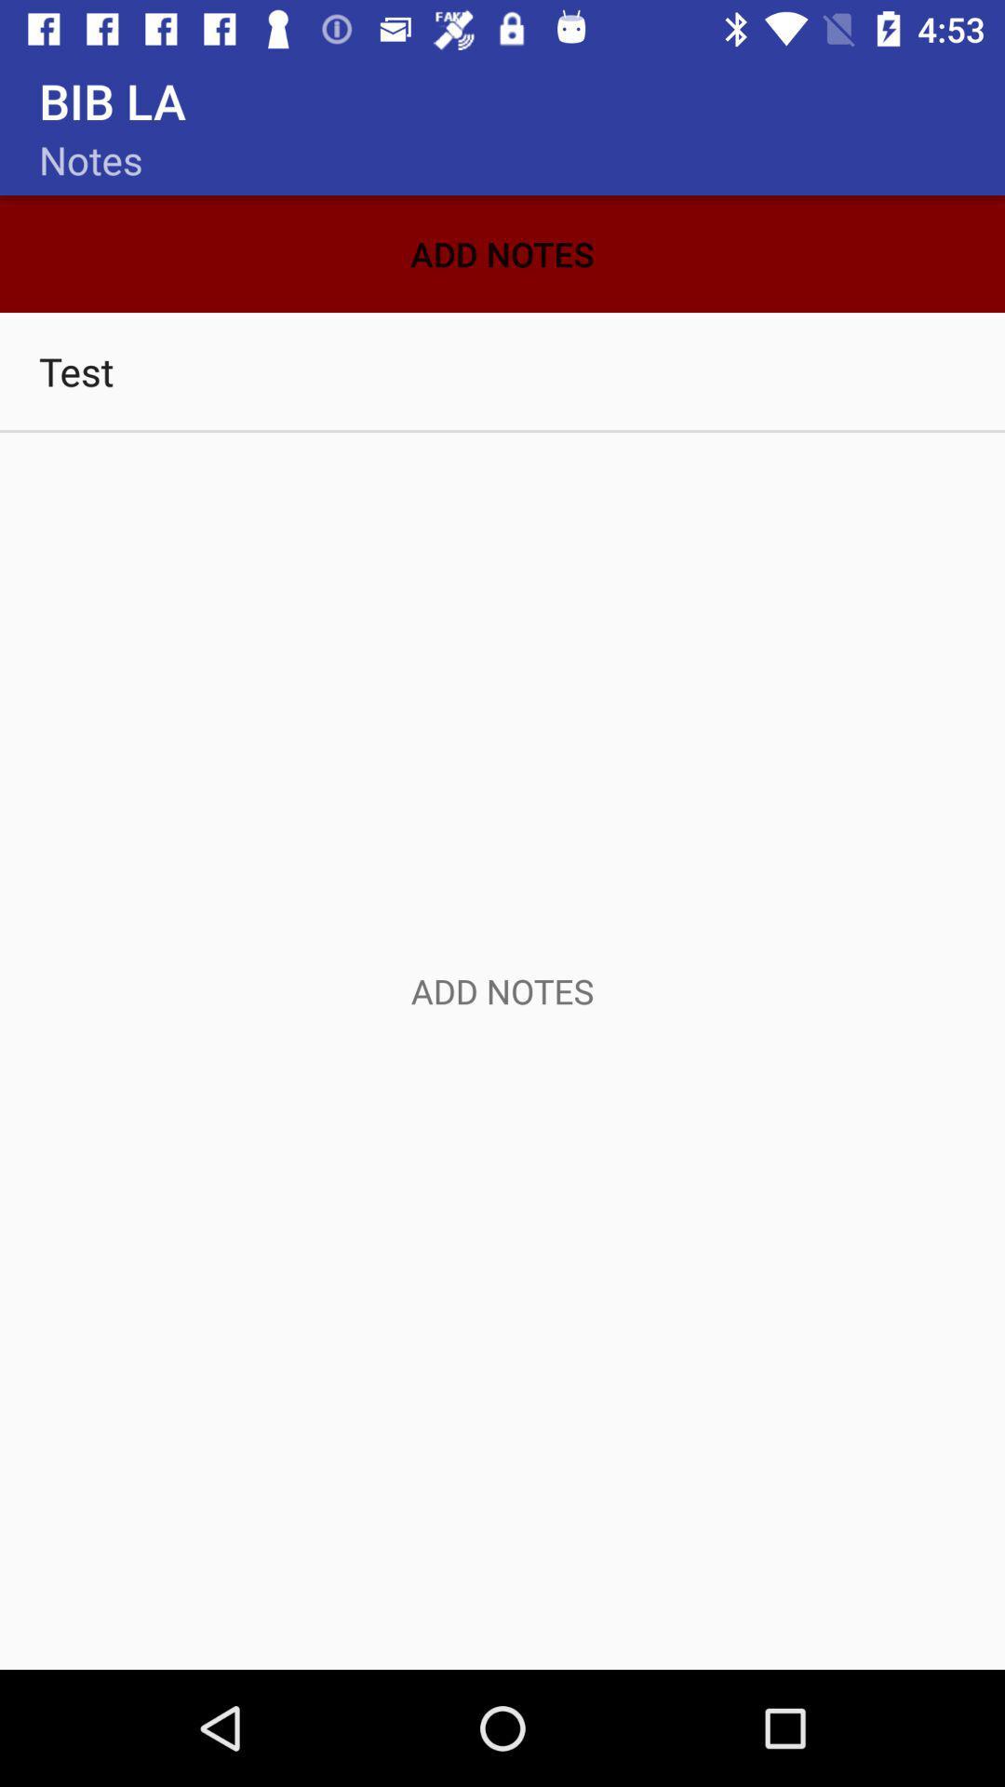 The width and height of the screenshot is (1005, 1787). I want to click on test, so click(502, 370).